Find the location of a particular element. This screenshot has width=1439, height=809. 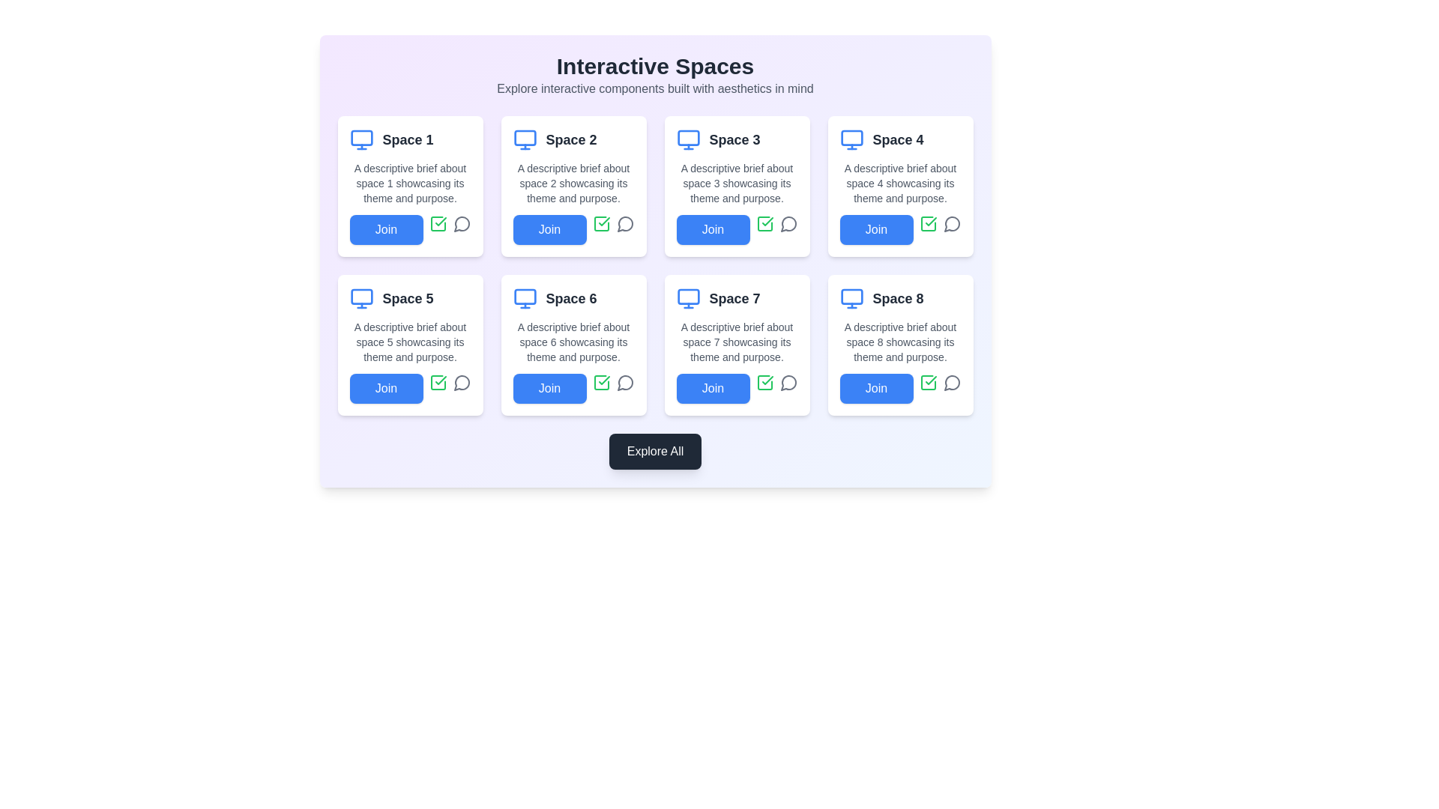

the blue 'Join' button located within the 'Space 6' card, positioned at the bottom-left above the icons, to join the space is located at coordinates (573, 388).